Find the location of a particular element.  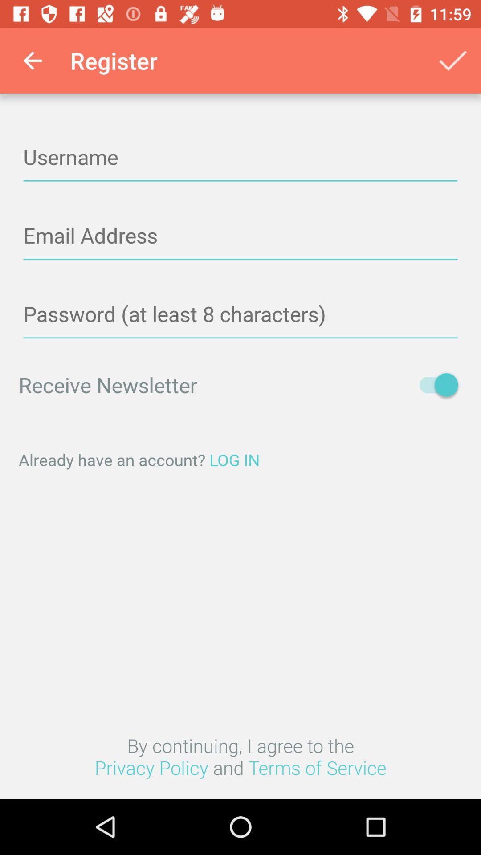

option to receive newsletter is located at coordinates (434, 385).